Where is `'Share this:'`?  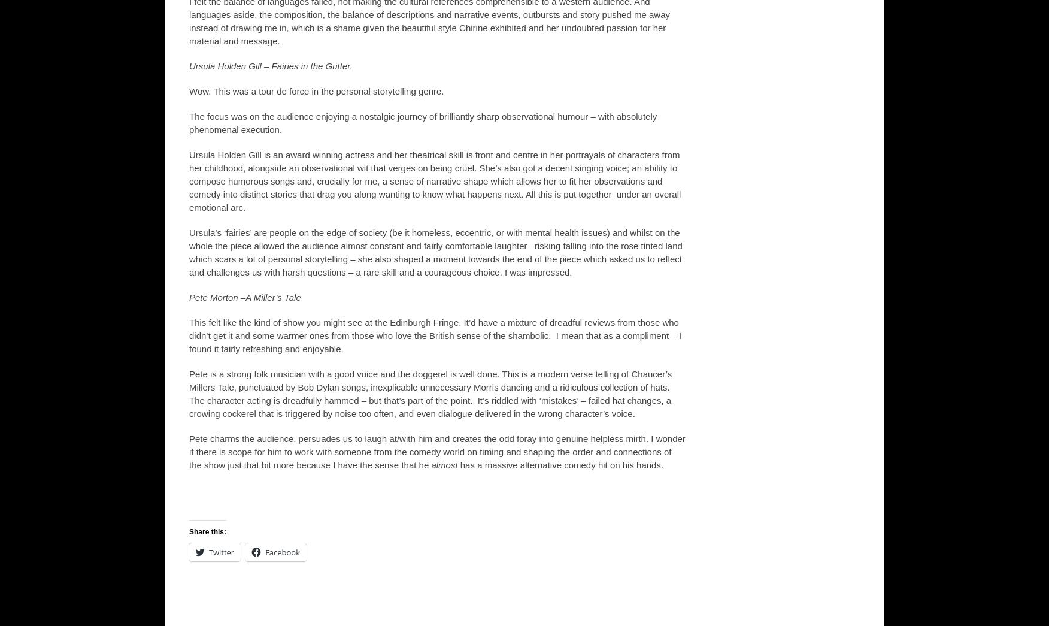 'Share this:' is located at coordinates (189, 531).